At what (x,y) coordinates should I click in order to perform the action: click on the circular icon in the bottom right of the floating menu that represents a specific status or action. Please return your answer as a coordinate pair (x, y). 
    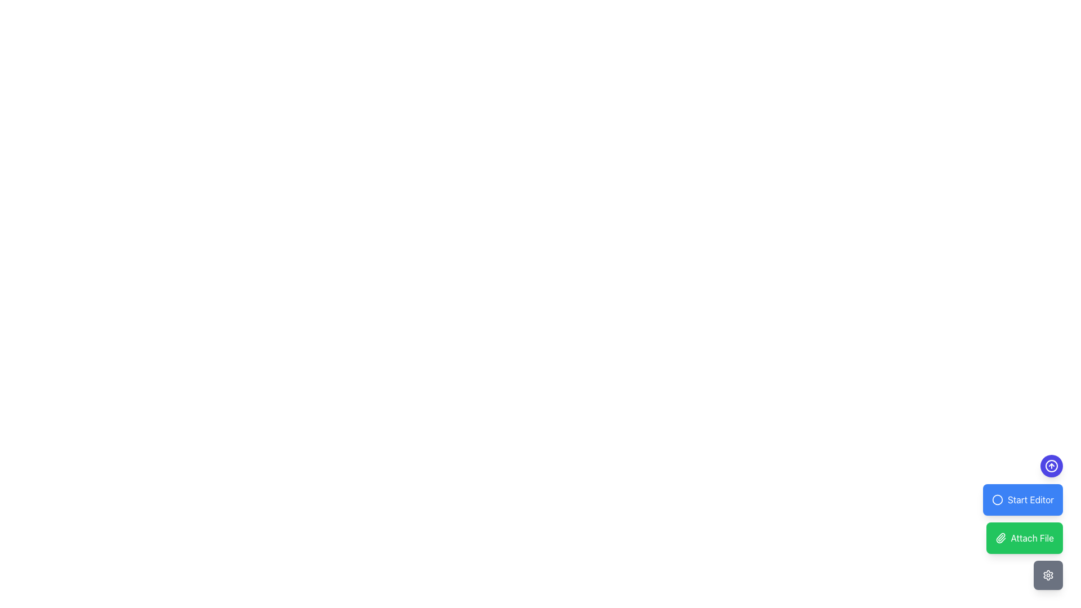
    Looking at the image, I should click on (997, 499).